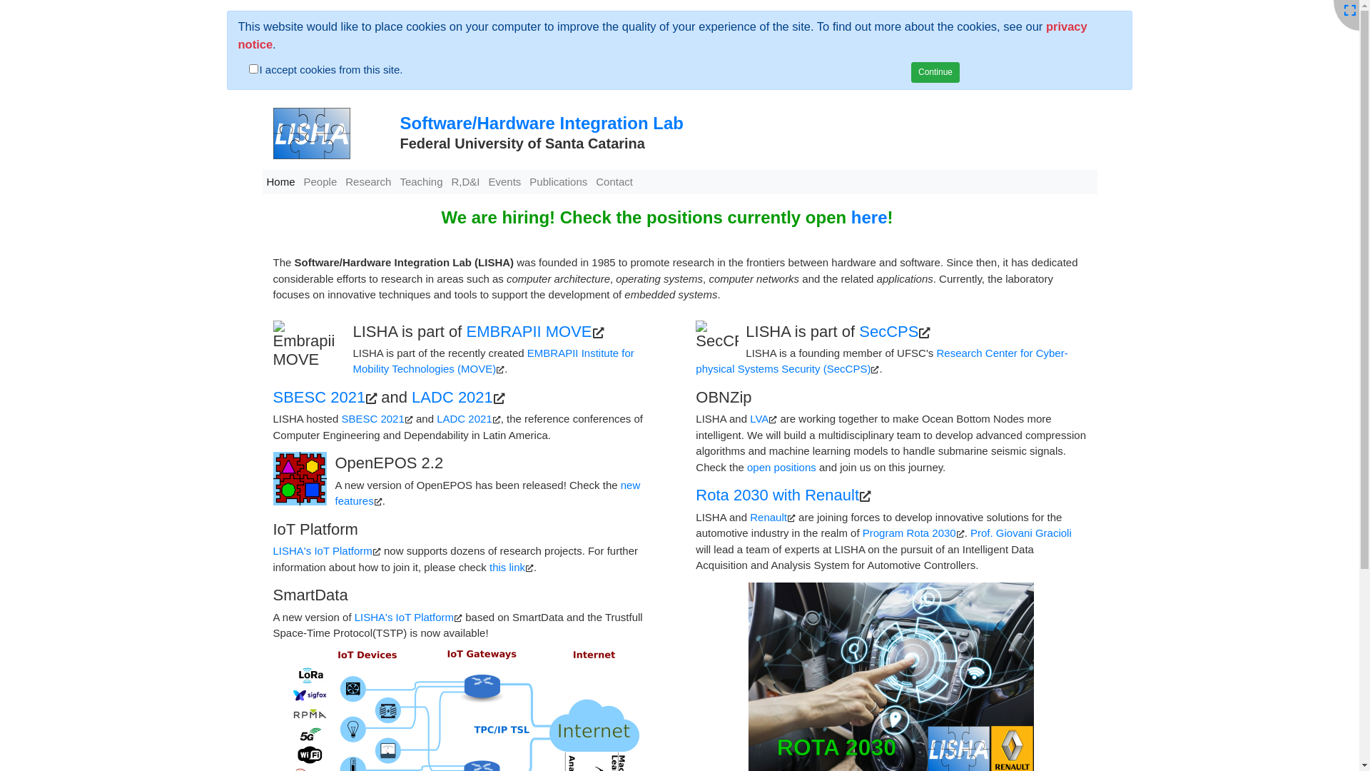 Image resolution: width=1370 pixels, height=771 pixels. What do you see at coordinates (767, 517) in the screenshot?
I see `'Renault'` at bounding box center [767, 517].